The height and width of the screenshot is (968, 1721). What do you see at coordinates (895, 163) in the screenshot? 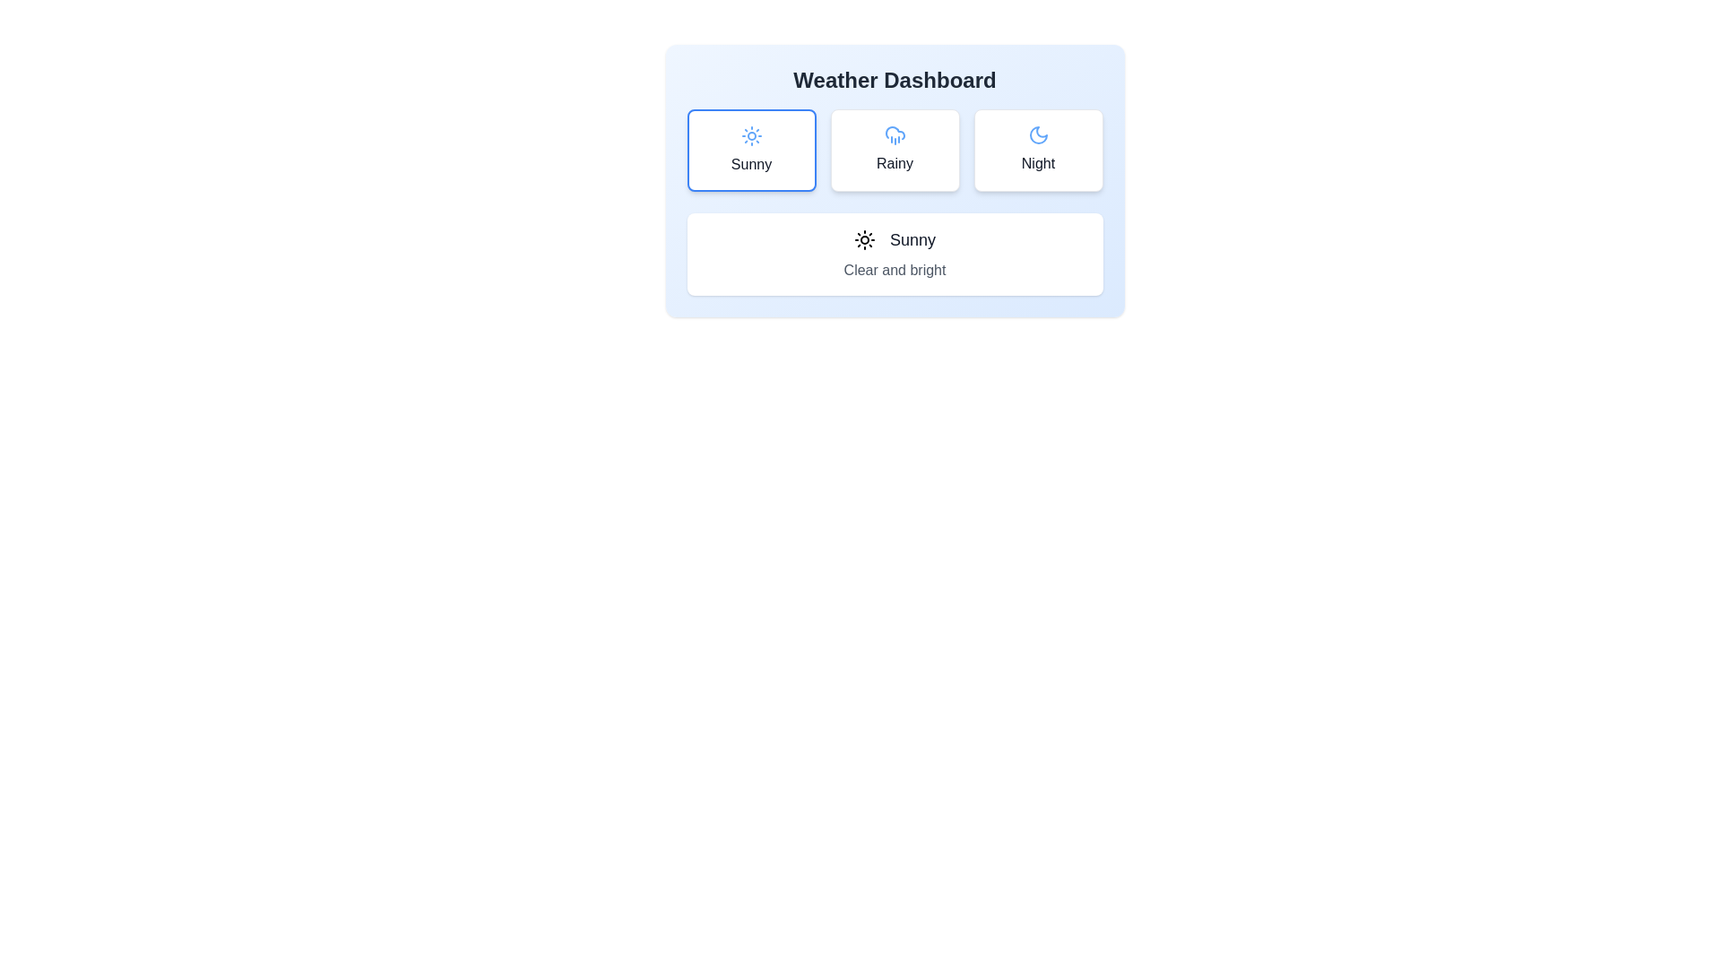
I see `the text label displaying 'Rainy' in bold gray font, located in the middle column of the weather selection interface` at bounding box center [895, 163].